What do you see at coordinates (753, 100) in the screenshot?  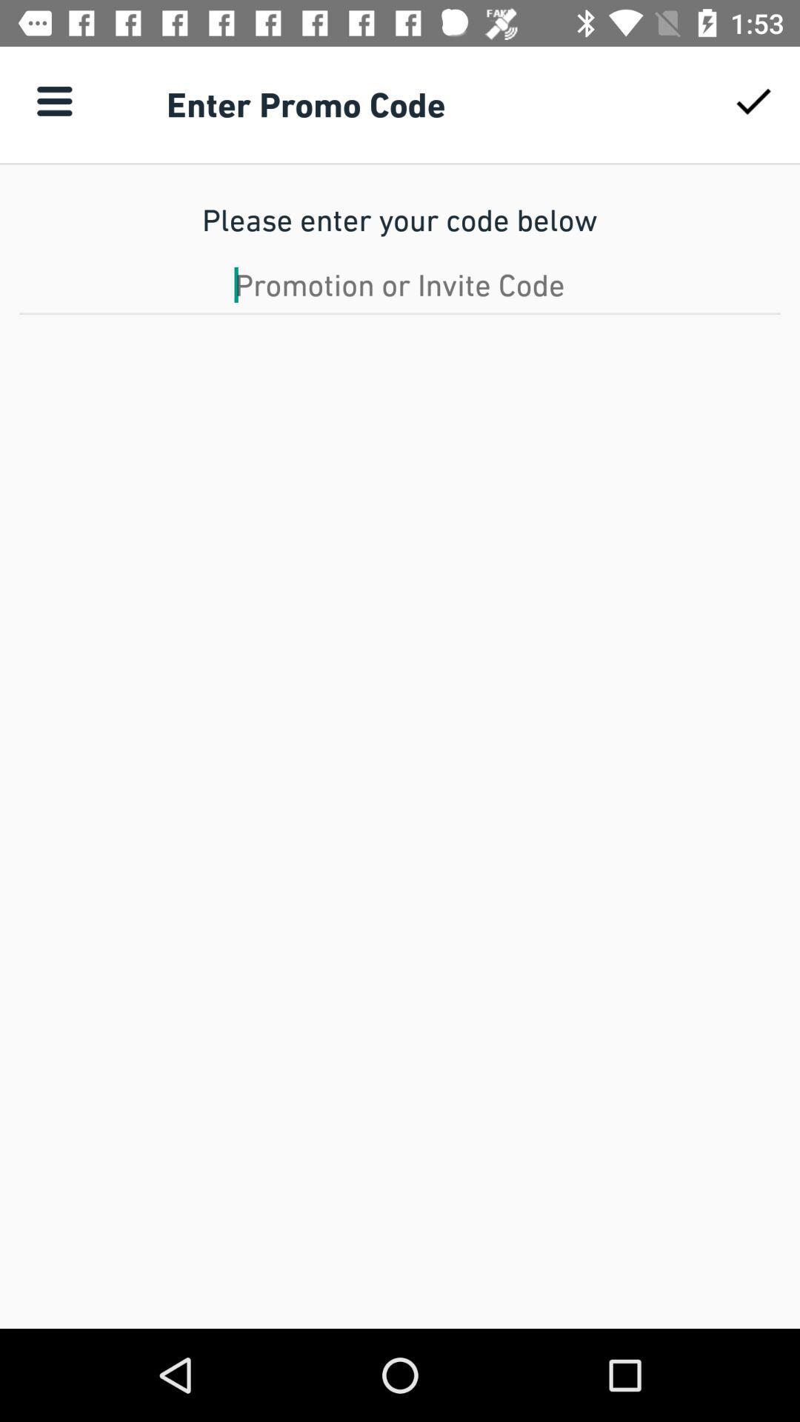 I see `icon above the please enter your item` at bounding box center [753, 100].